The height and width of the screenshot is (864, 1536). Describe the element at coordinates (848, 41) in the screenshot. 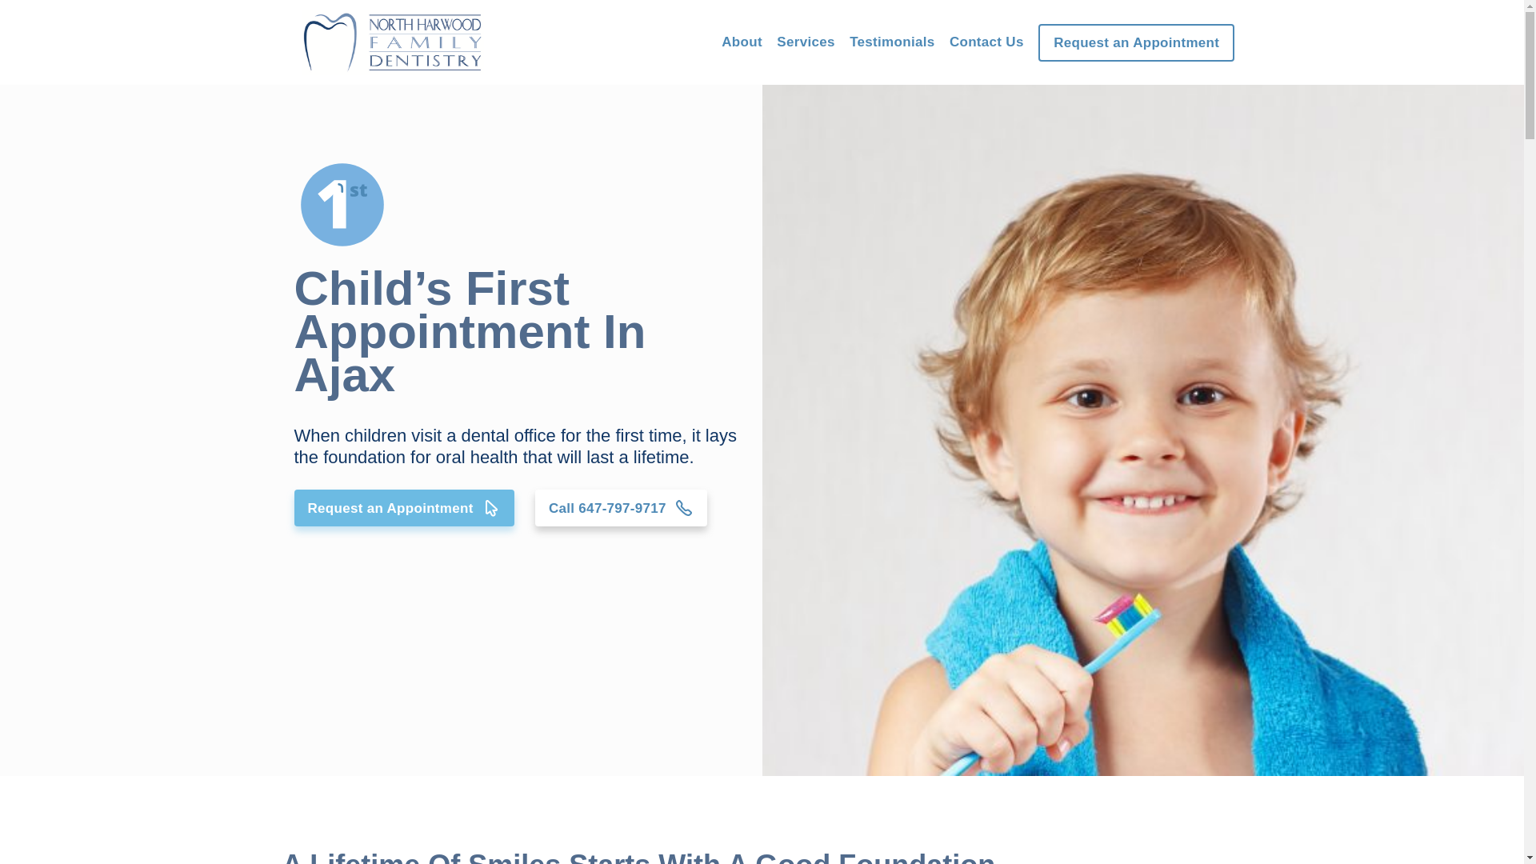

I see `'Testimonials'` at that location.